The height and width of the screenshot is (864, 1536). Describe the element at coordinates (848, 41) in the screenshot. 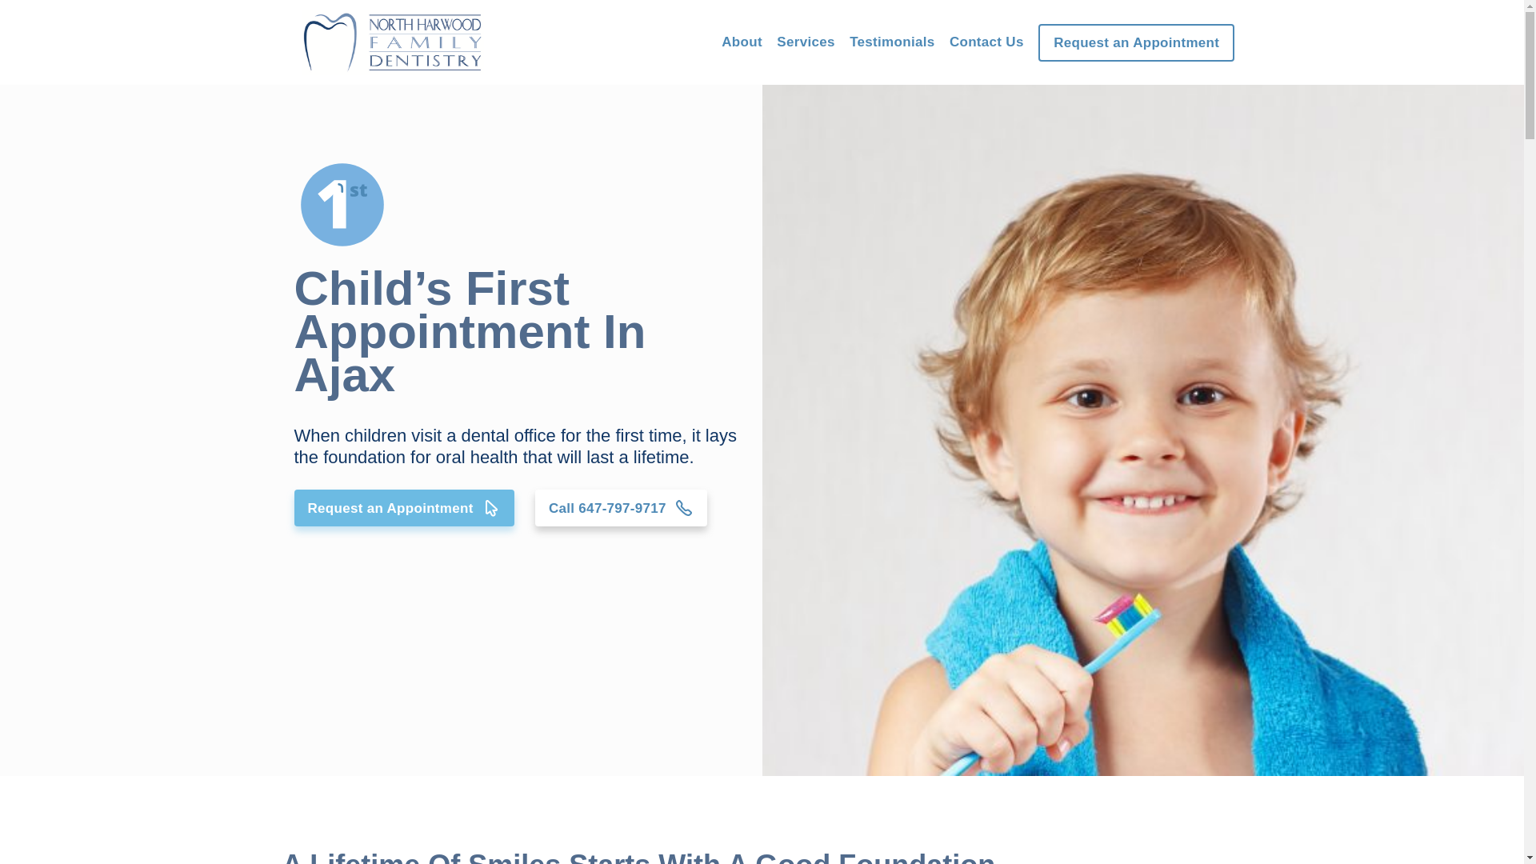

I see `'Testimonials'` at that location.